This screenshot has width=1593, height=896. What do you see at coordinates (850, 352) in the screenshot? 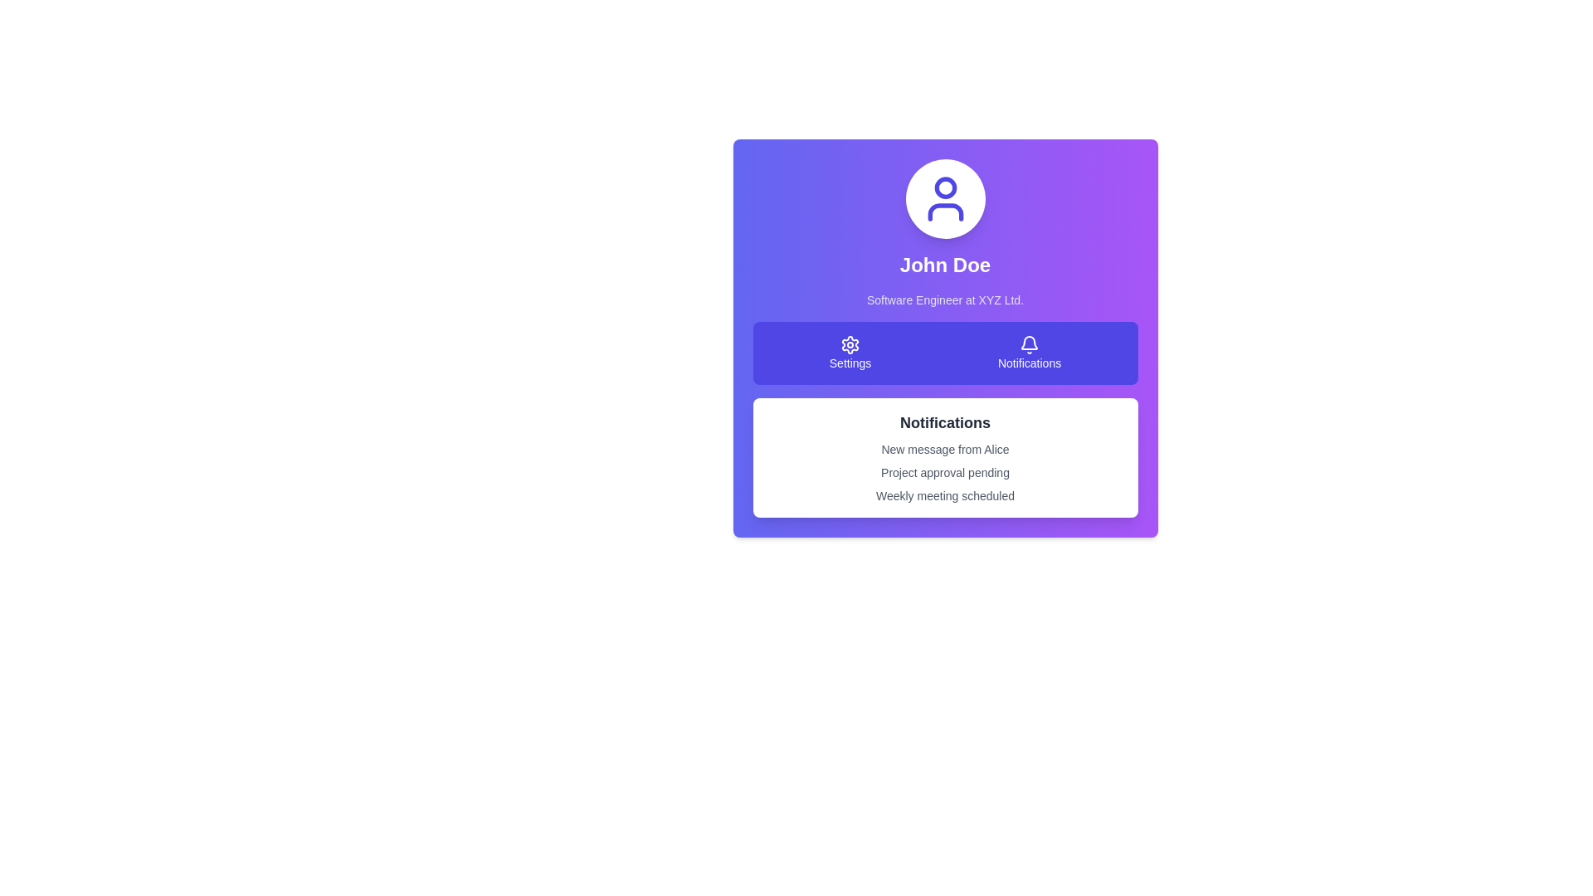
I see `the 'Settings' button, which features a gear icon and is located on the left side of the horizontal navigation bar` at bounding box center [850, 352].